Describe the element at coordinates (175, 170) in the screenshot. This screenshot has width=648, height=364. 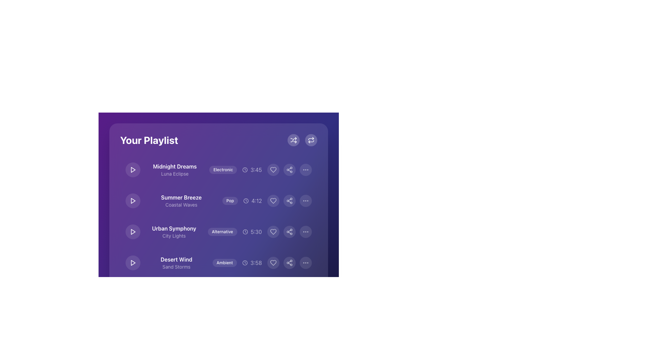
I see `the text display showing 'Midnight Dreams' to see its properties` at that location.